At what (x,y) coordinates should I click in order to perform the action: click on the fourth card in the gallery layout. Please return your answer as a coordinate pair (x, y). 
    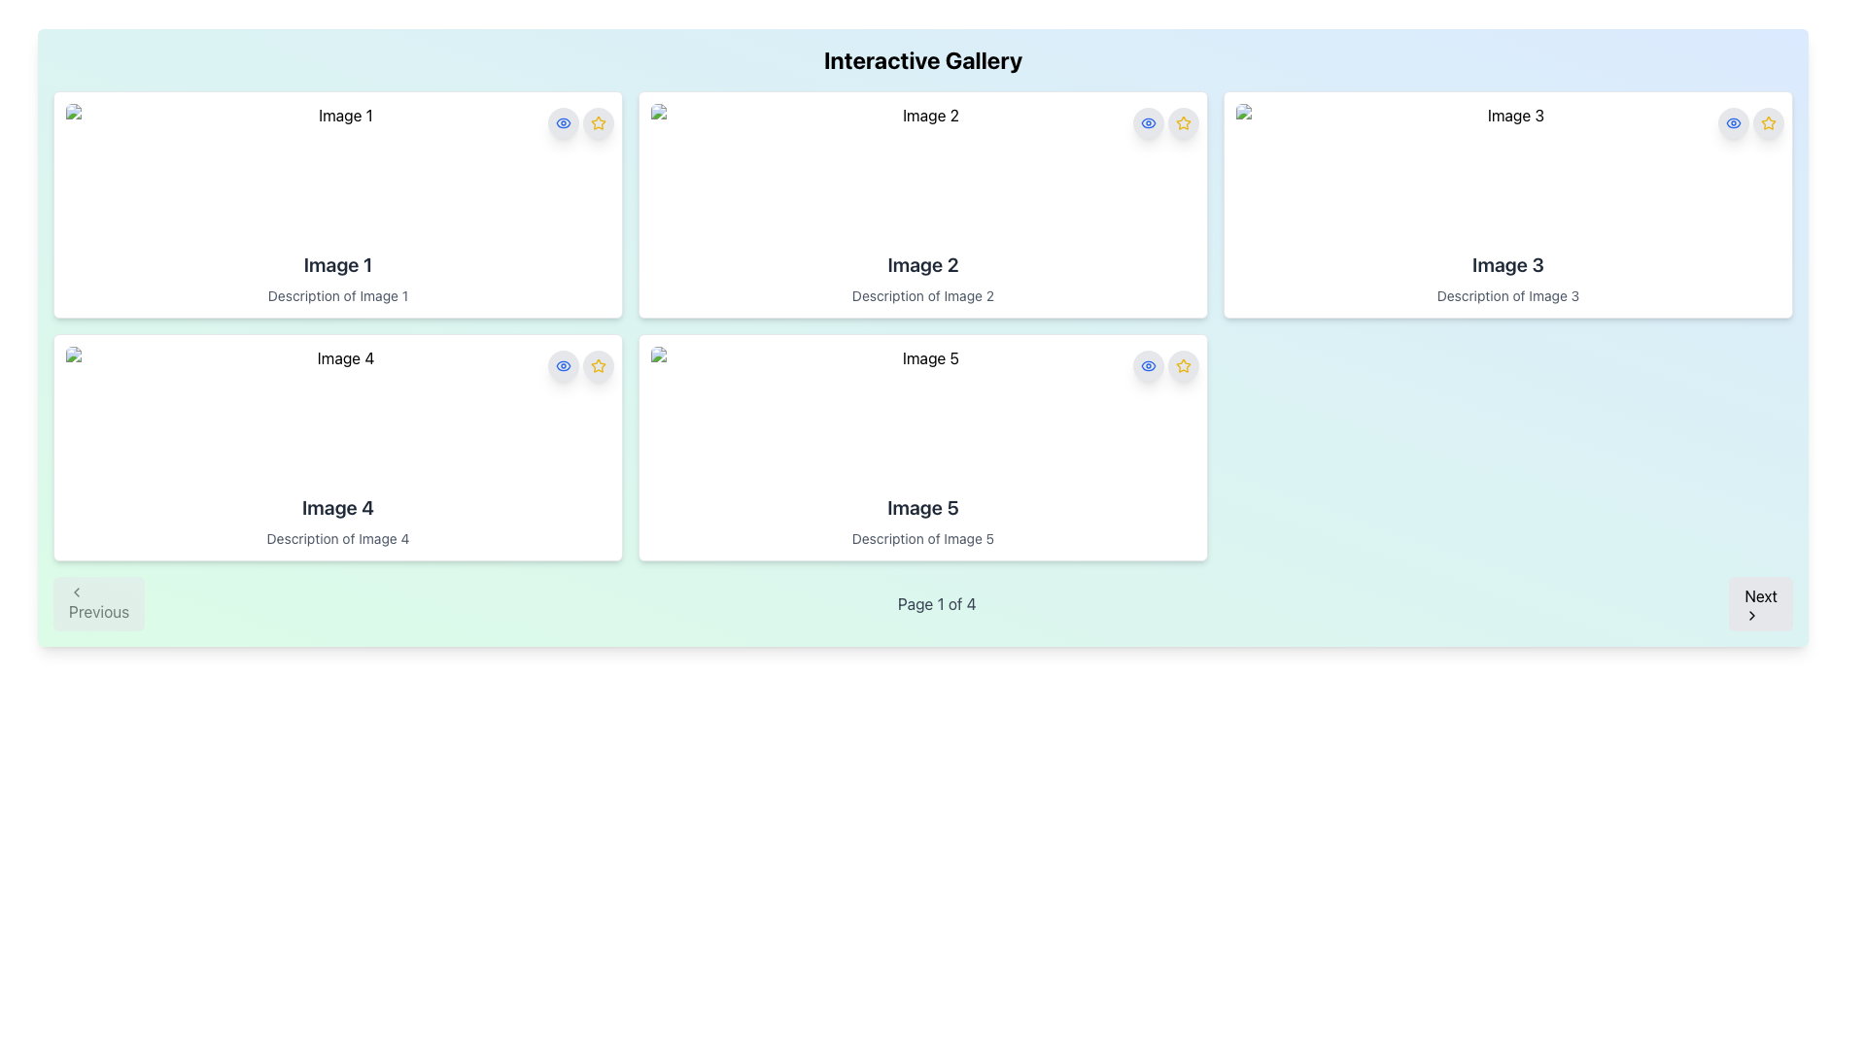
    Looking at the image, I should click on (337, 448).